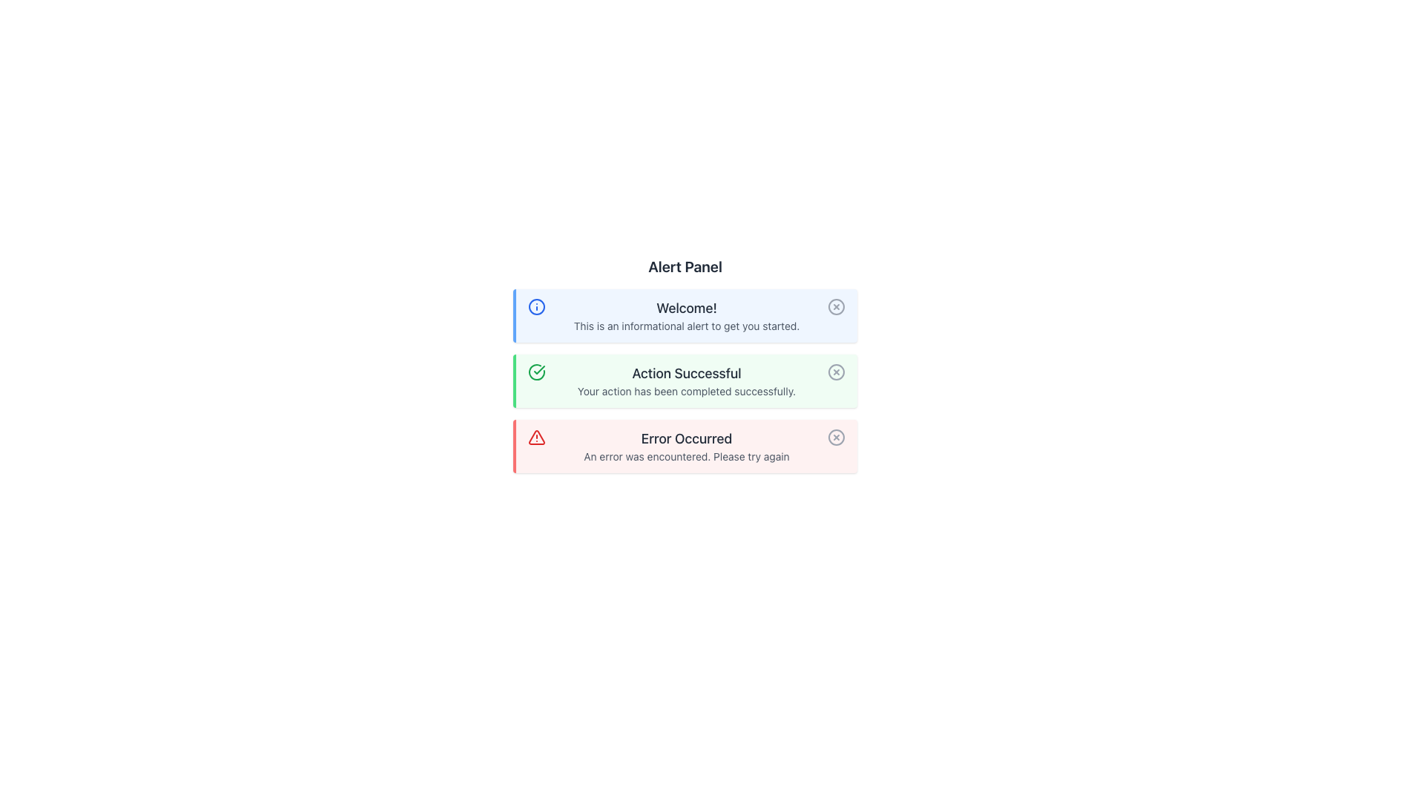 This screenshot has height=801, width=1424. I want to click on static text display component that shows the message 'Welcome! This is an informational alert to get you started.' It is located in the notification panel below the title 'Alert Panel', so click(686, 314).